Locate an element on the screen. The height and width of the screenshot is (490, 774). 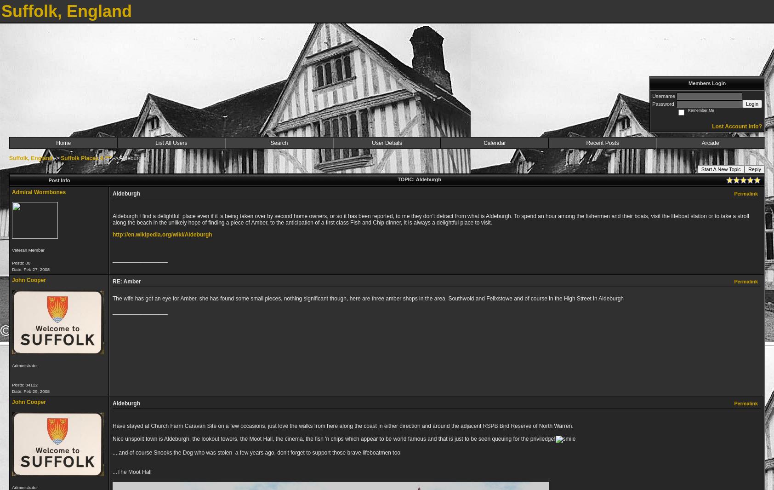
'Start A New Topic' is located at coordinates (720, 168).